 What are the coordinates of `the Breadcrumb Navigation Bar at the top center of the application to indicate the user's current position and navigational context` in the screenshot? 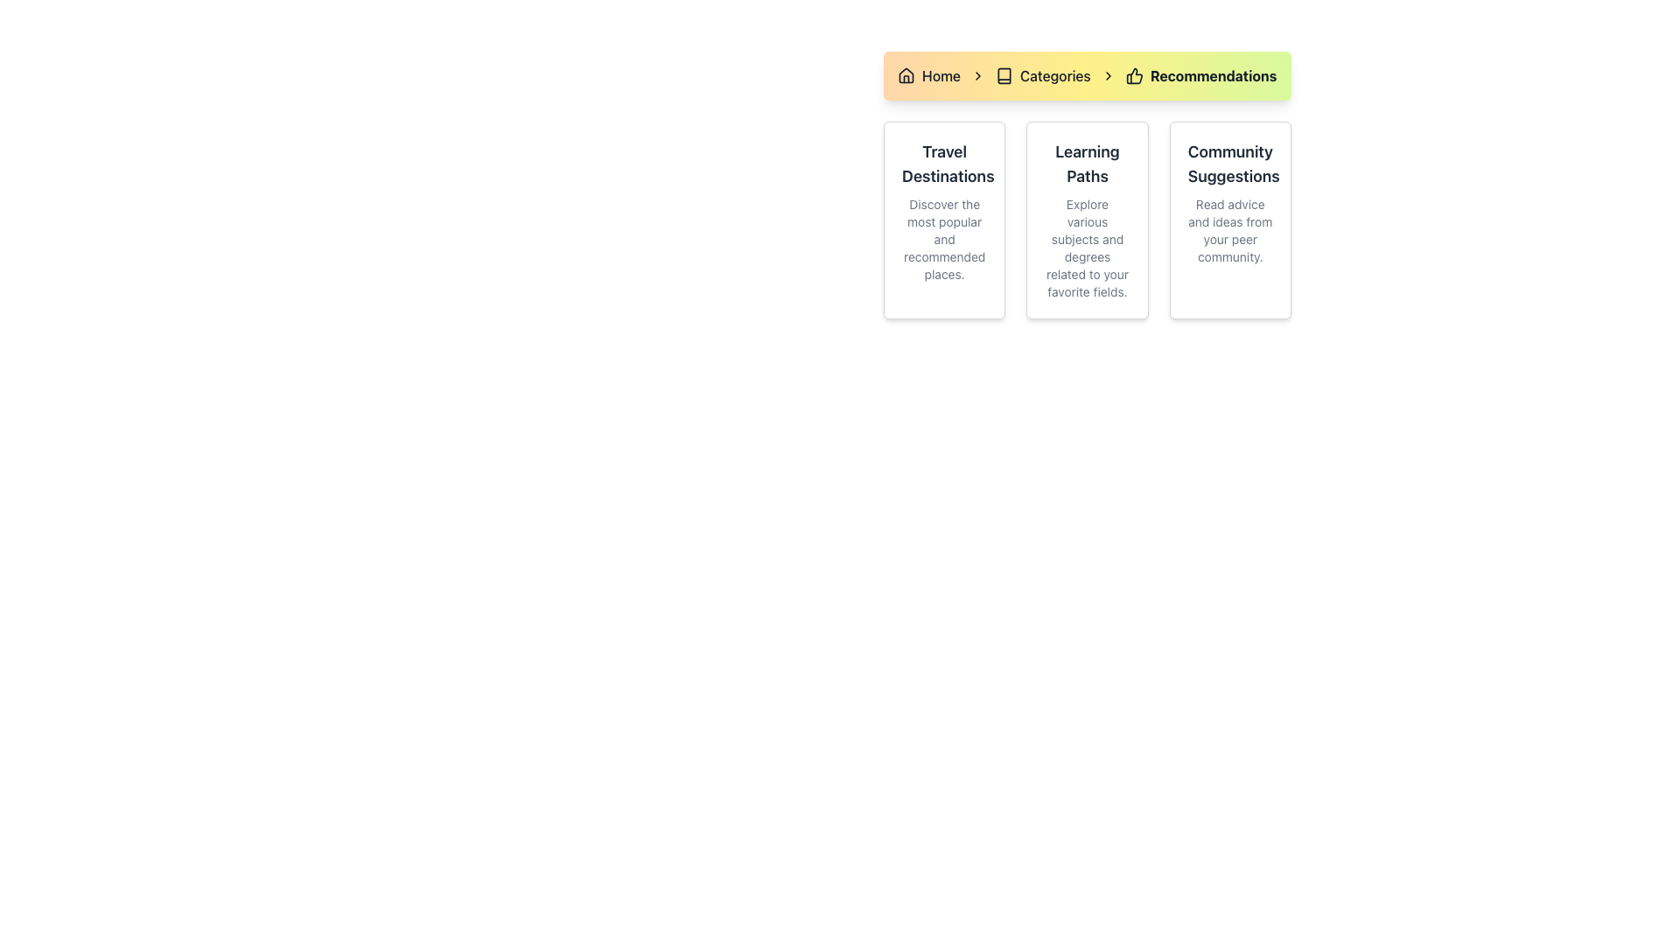 It's located at (1087, 75).